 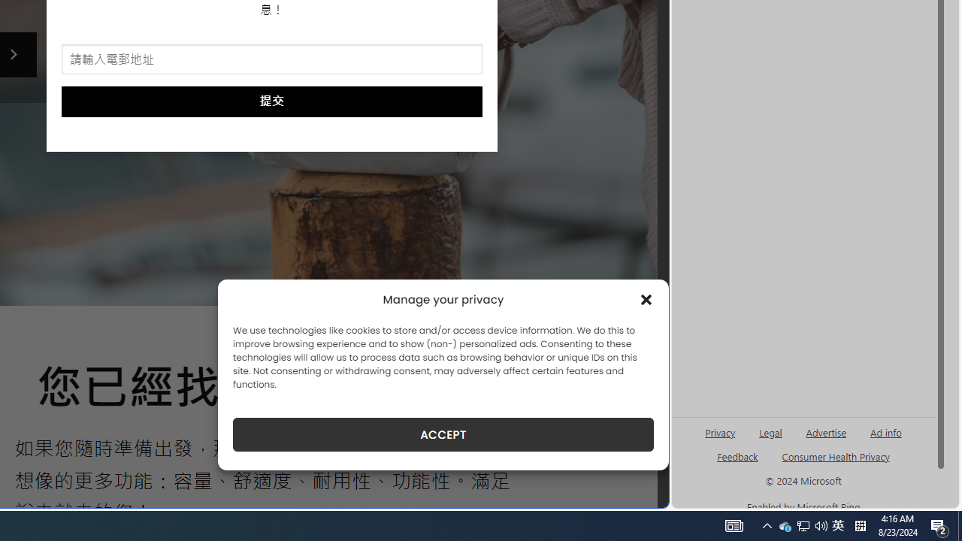 What do you see at coordinates (443, 434) in the screenshot?
I see `'ACCEPT'` at bounding box center [443, 434].